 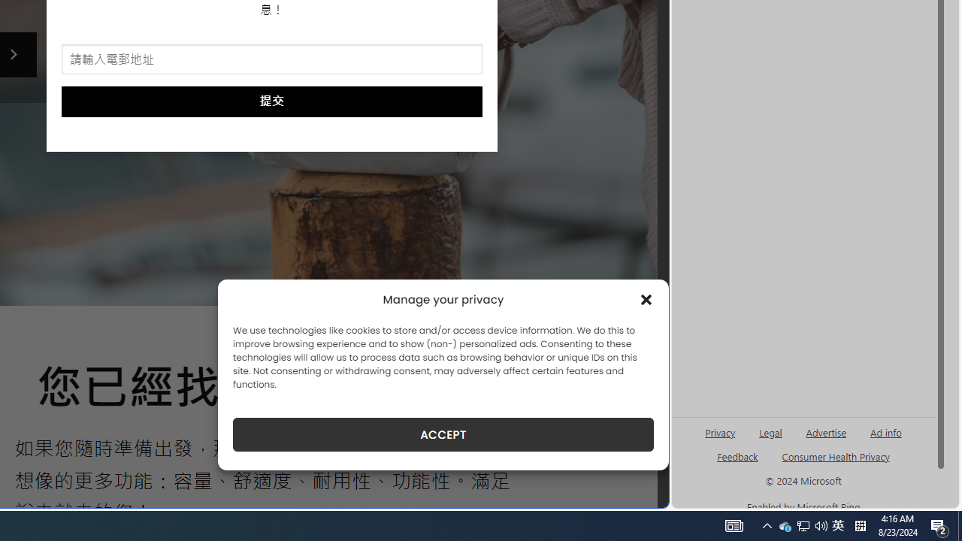 What do you see at coordinates (443, 434) in the screenshot?
I see `'ACCEPT'` at bounding box center [443, 434].